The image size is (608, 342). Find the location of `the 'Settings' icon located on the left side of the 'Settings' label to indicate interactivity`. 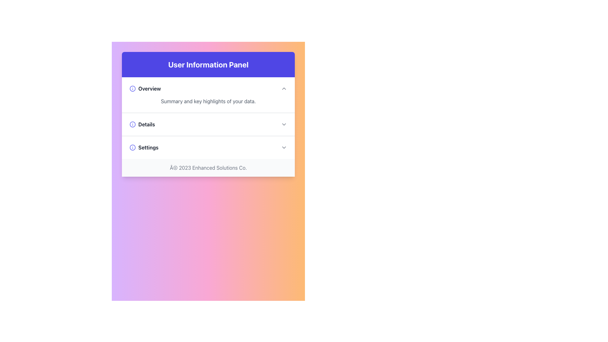

the 'Settings' icon located on the left side of the 'Settings' label to indicate interactivity is located at coordinates (132, 148).